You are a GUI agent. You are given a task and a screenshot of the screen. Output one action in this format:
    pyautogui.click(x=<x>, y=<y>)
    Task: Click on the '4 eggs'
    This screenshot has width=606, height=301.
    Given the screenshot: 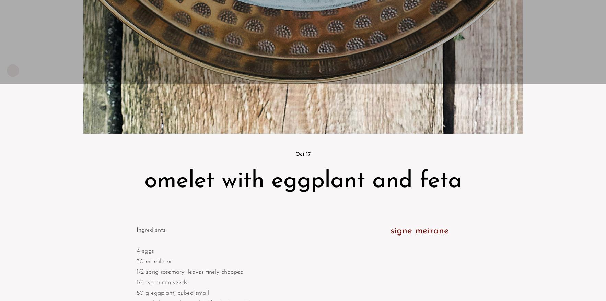 What is the action you would take?
    pyautogui.click(x=136, y=251)
    